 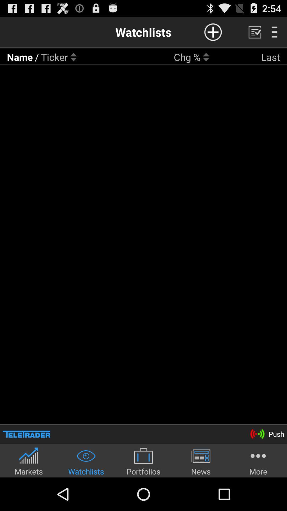 What do you see at coordinates (258, 461) in the screenshot?
I see `the more` at bounding box center [258, 461].